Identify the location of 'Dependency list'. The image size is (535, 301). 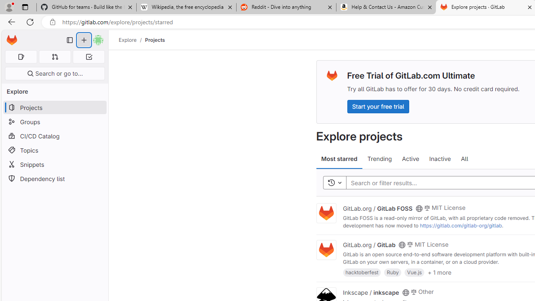
(54, 178).